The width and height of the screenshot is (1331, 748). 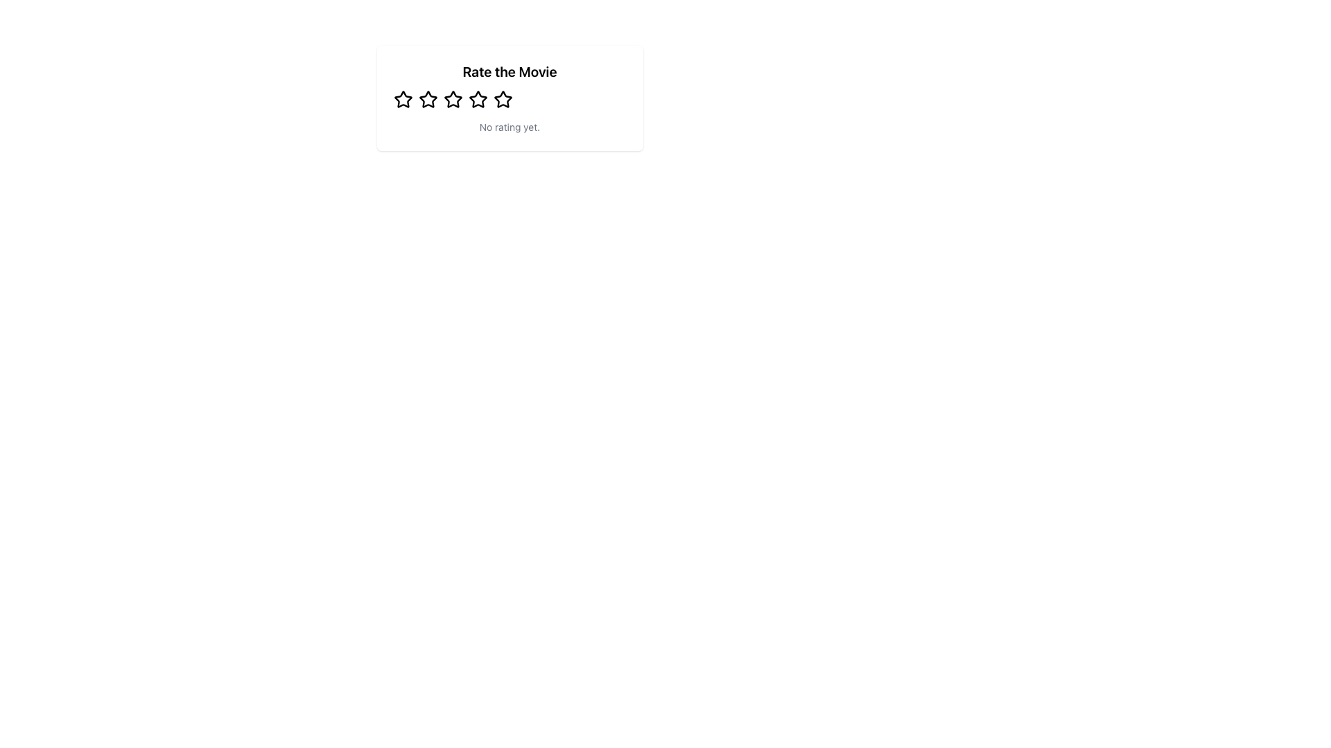 I want to click on the second star icon in the 'Rate the Movie' section, so click(x=453, y=98).